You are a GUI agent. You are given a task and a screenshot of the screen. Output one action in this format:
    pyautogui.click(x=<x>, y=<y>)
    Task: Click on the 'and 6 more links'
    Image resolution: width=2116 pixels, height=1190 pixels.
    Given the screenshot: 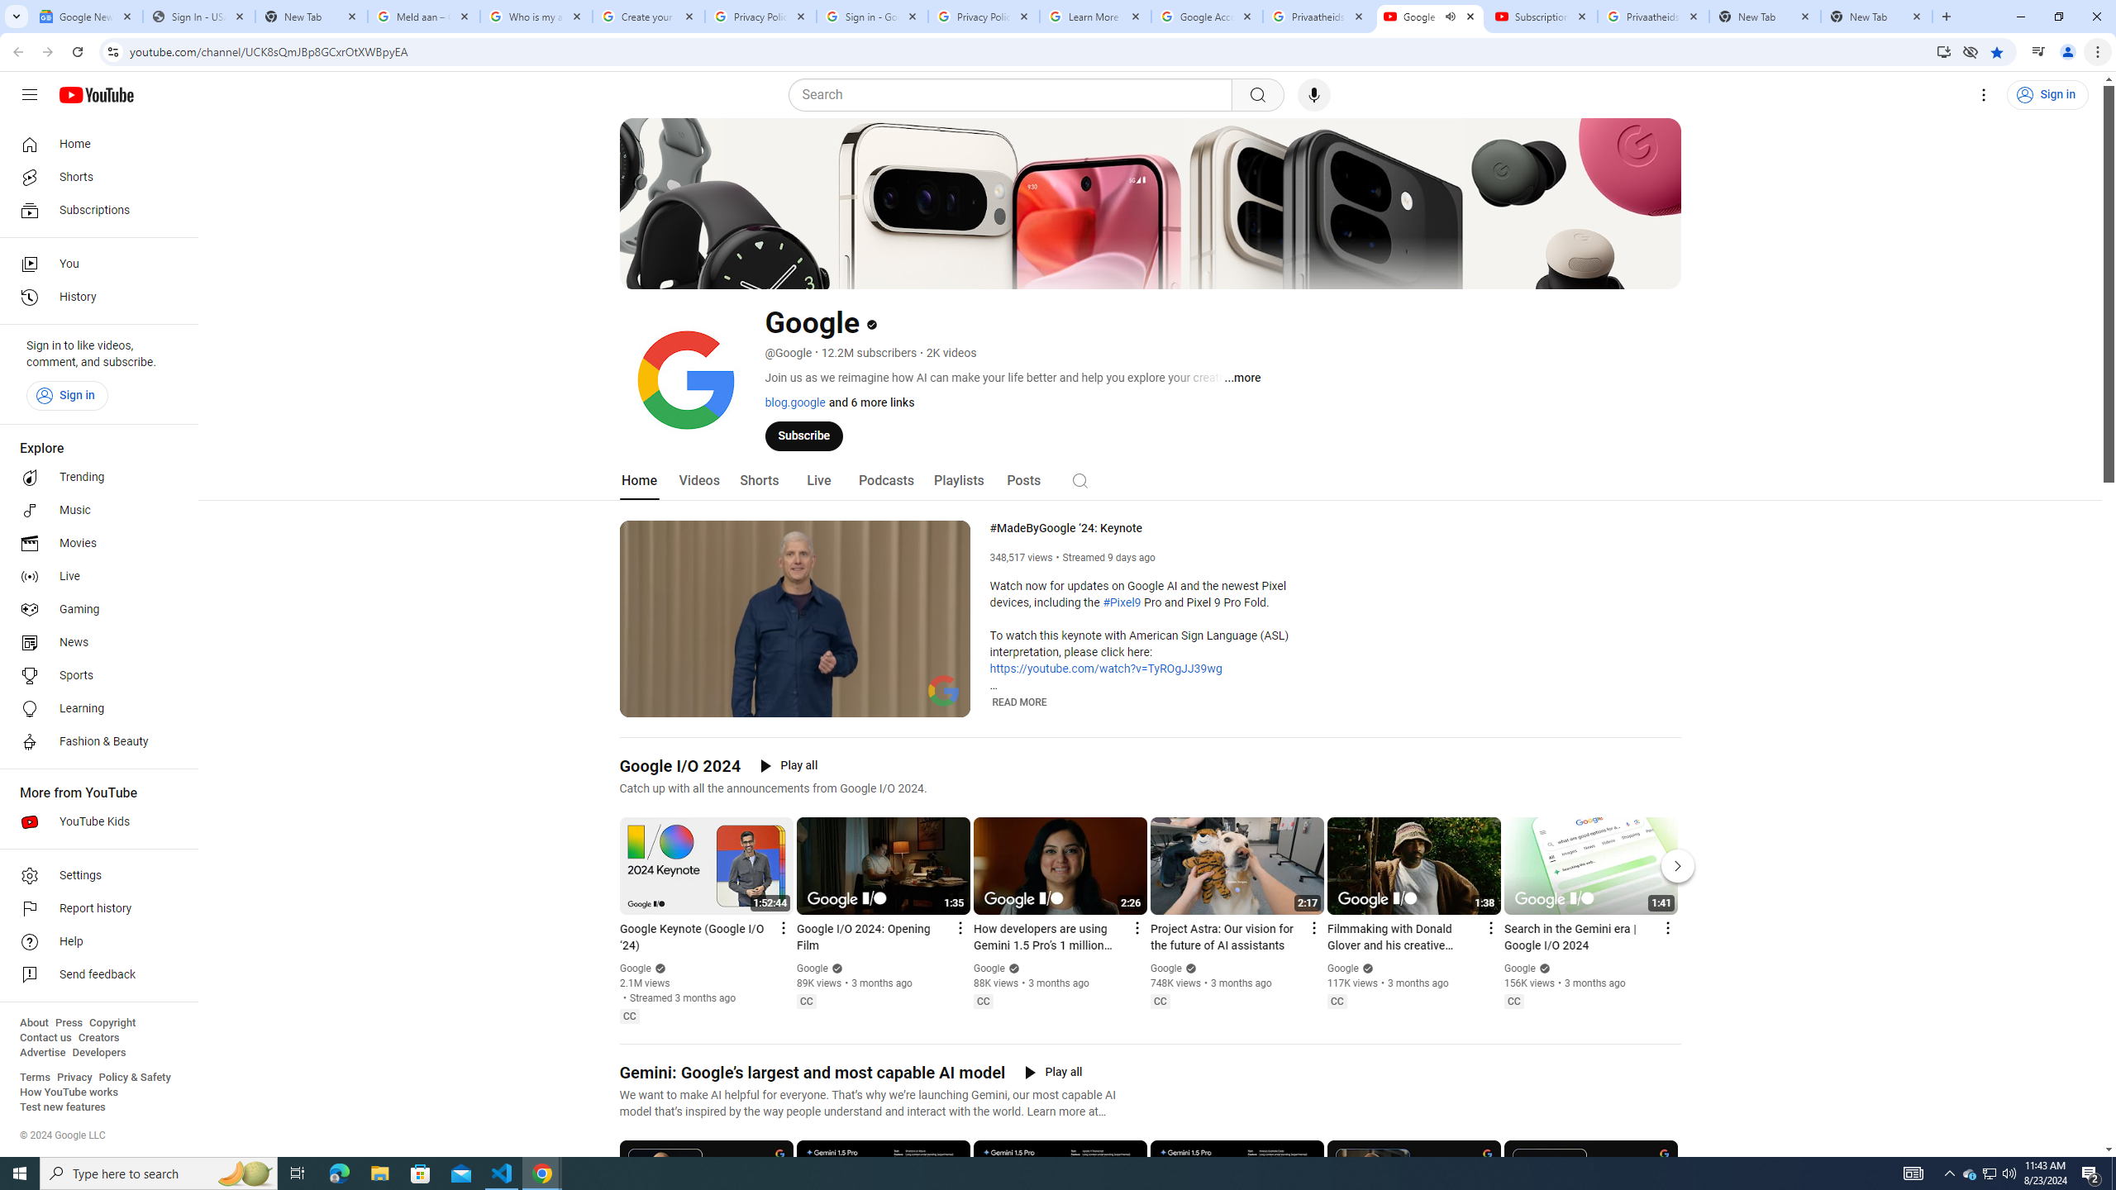 What is the action you would take?
    pyautogui.click(x=870, y=402)
    